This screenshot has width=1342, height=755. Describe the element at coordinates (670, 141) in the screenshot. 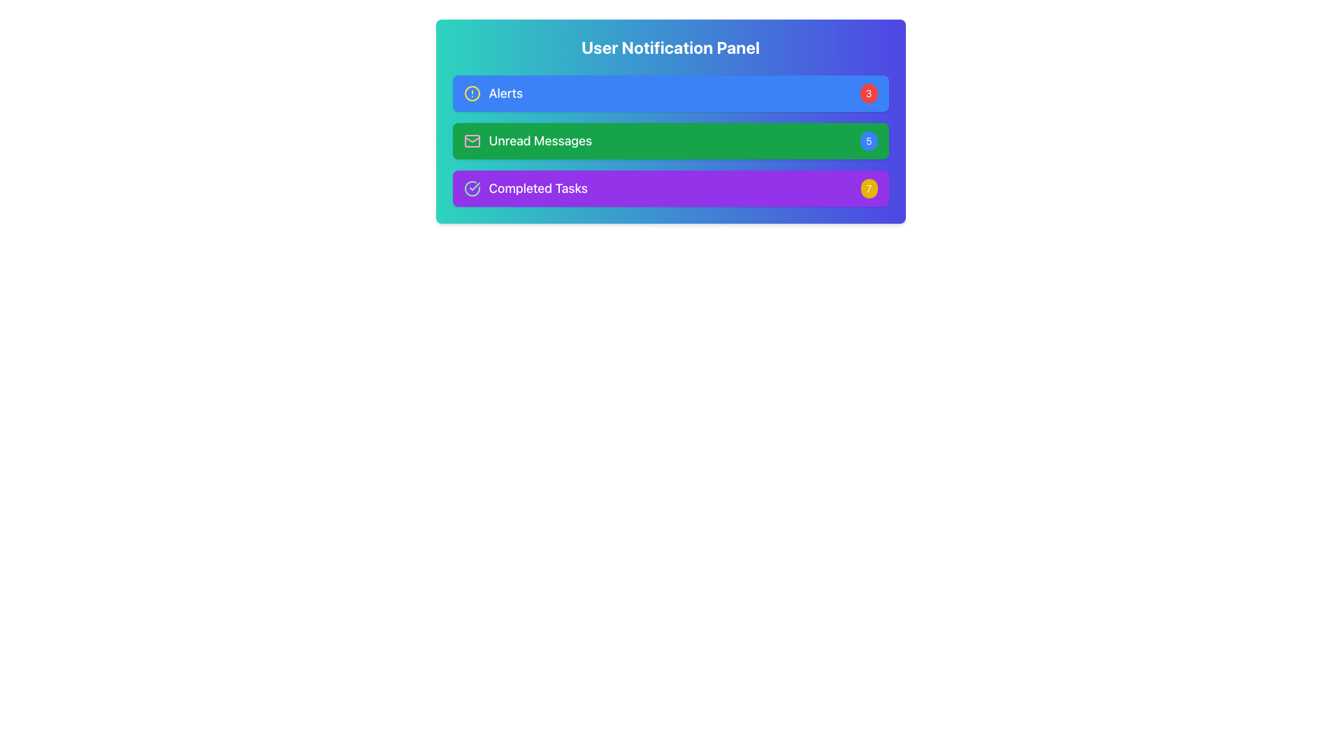

I see `the Notification Item in the User Notification Panel to interact with it` at that location.